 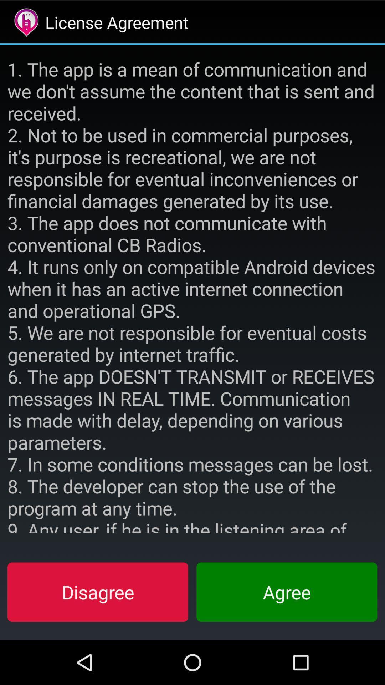 What do you see at coordinates (286, 592) in the screenshot?
I see `the icon below 1 the app` at bounding box center [286, 592].